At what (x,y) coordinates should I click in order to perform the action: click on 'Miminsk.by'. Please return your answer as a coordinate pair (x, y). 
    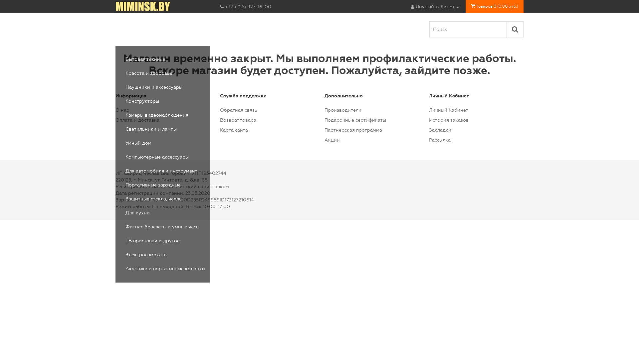
    Looking at the image, I should click on (115, 6).